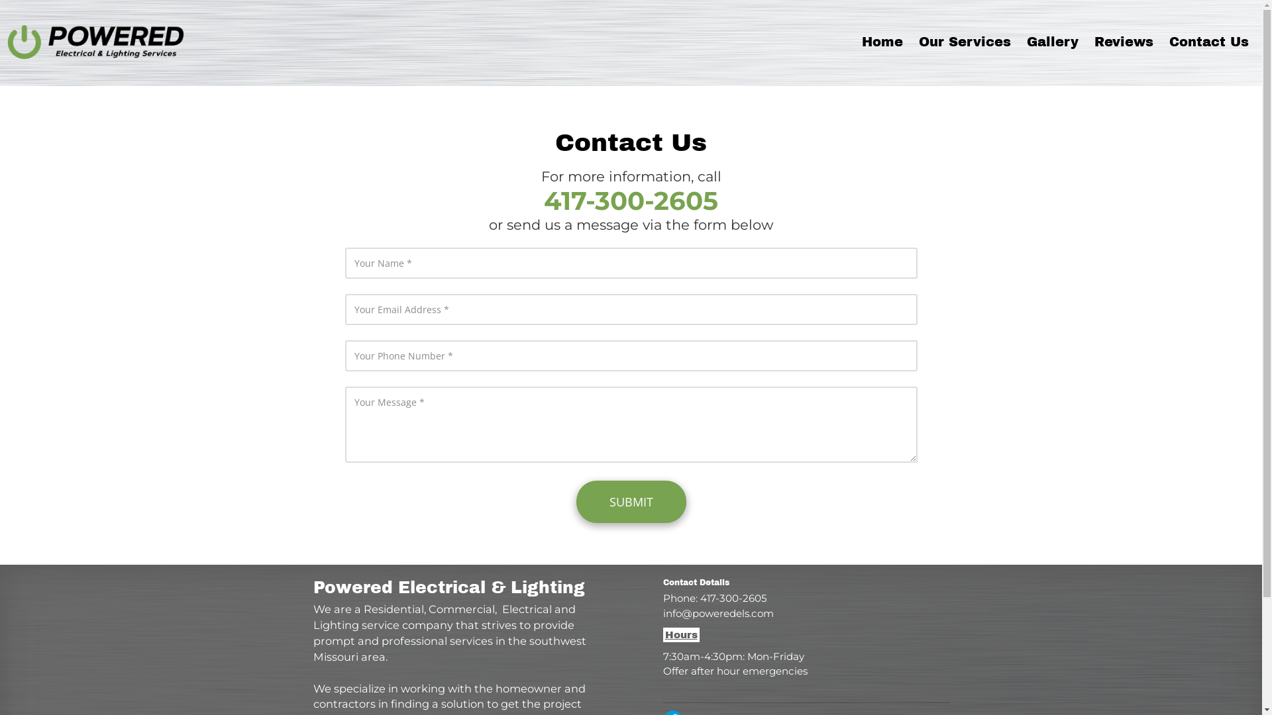  What do you see at coordinates (630, 207) in the screenshot?
I see `'417-300-2605'` at bounding box center [630, 207].